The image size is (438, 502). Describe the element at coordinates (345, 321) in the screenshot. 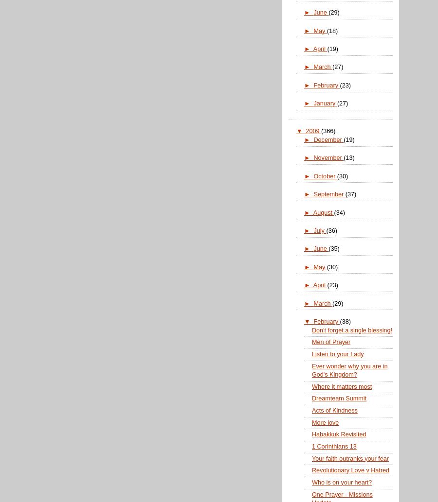

I see `'(38)'` at that location.